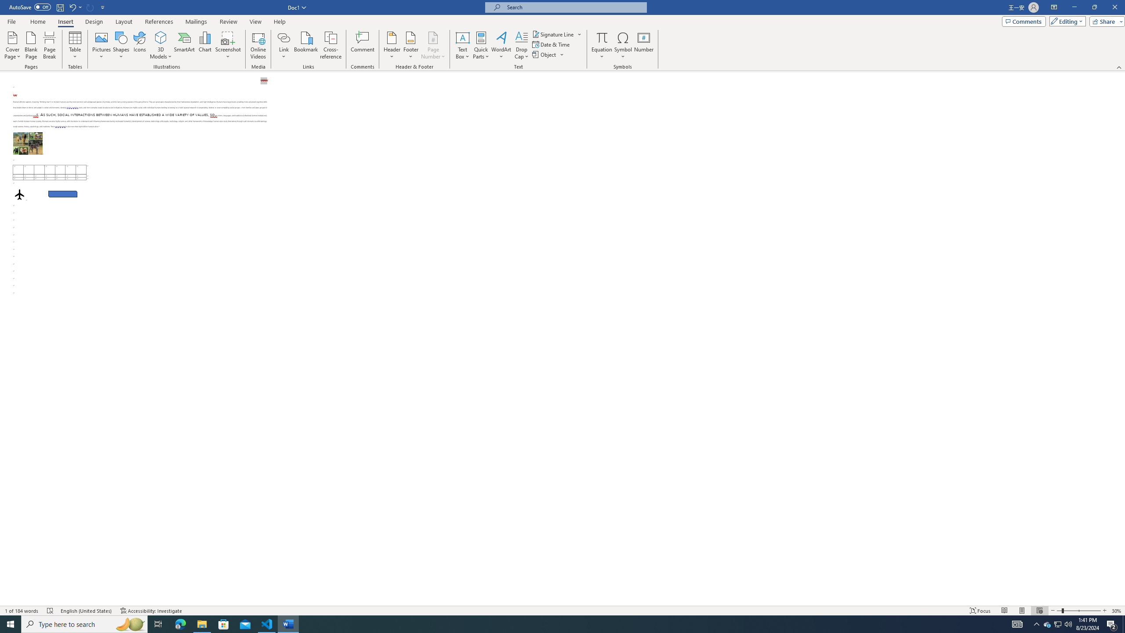 Image resolution: width=1125 pixels, height=633 pixels. Describe the element at coordinates (123, 22) in the screenshot. I see `'Layout'` at that location.